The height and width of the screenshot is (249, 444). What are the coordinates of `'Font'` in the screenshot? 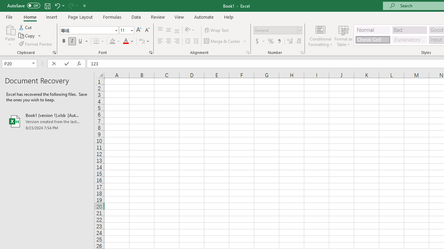 It's located at (89, 30).